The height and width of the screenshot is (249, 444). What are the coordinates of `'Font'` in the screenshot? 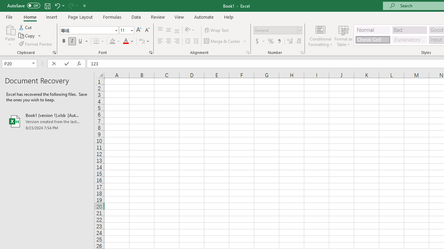 It's located at (89, 30).